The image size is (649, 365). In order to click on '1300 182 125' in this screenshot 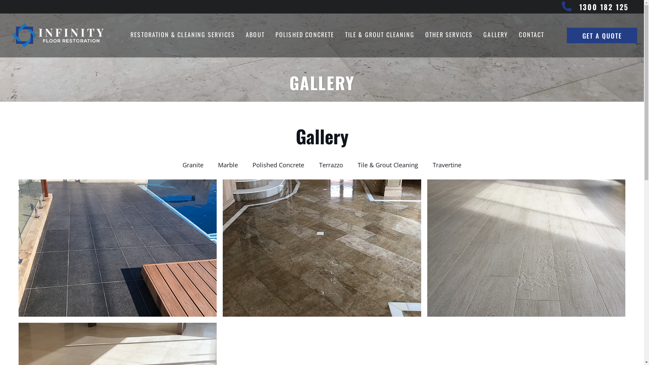, I will do `click(604, 6)`.